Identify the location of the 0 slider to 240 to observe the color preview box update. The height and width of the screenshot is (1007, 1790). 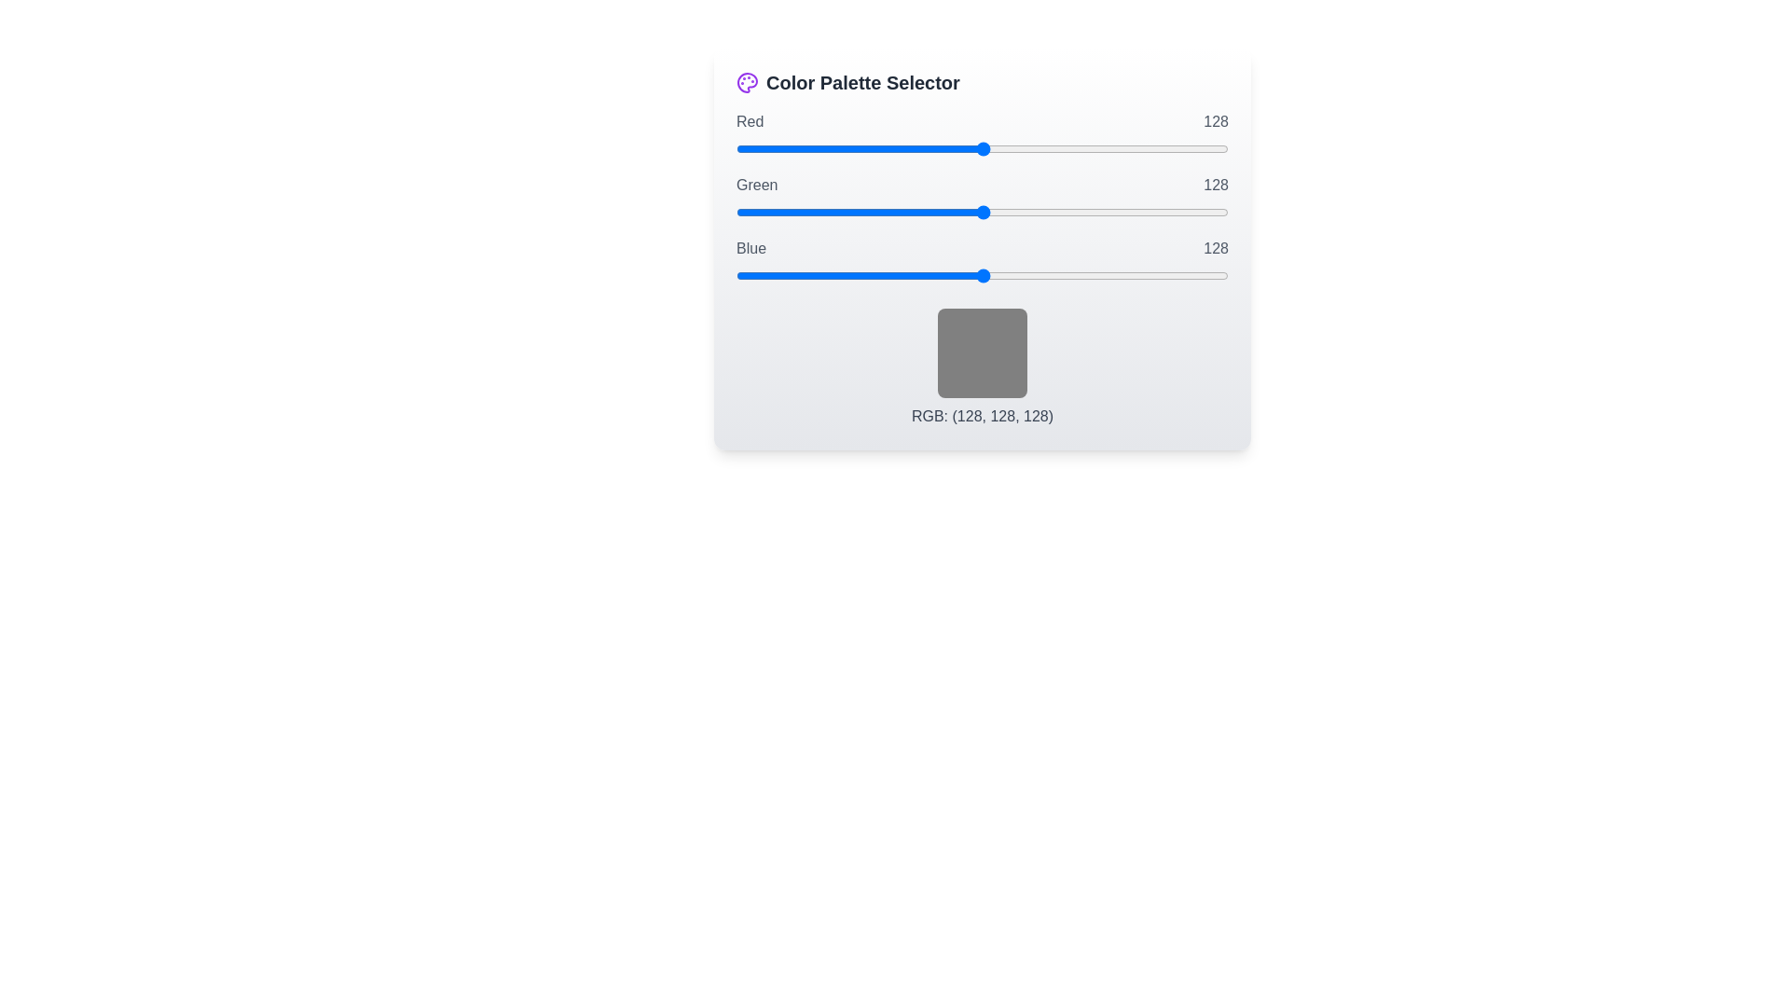
(982, 147).